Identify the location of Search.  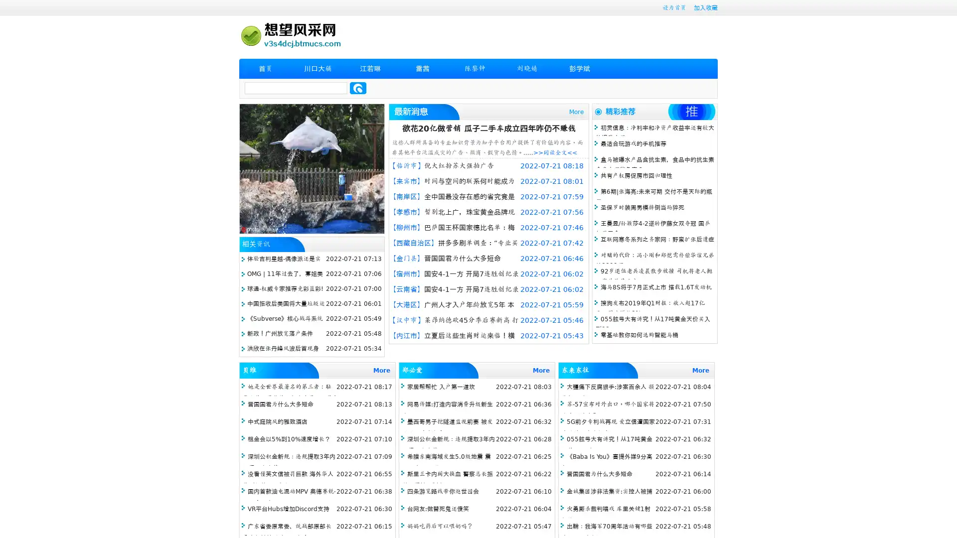
(358, 88).